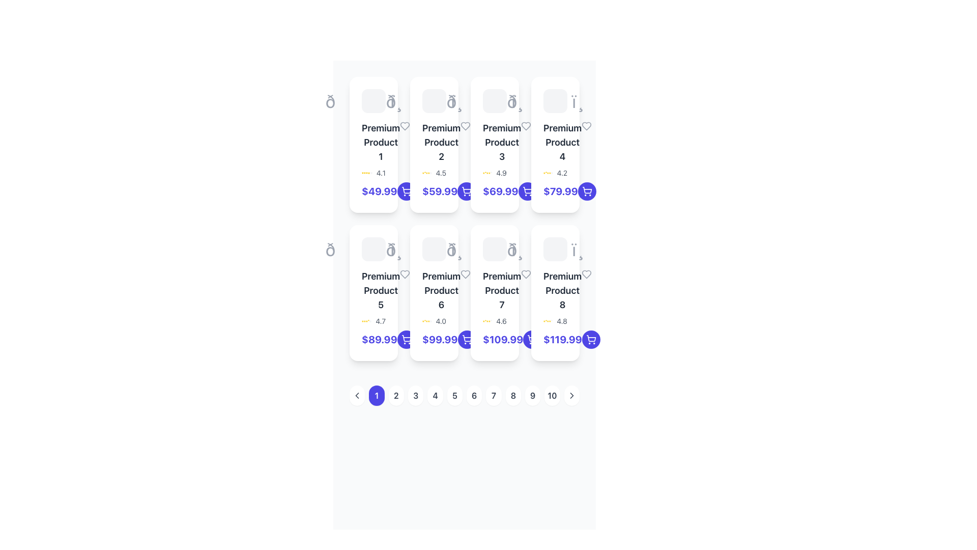  Describe the element at coordinates (380, 290) in the screenshot. I see `the text label that reads 'Premium Product 5', which is positioned at the second row, first column of a grid layout` at that location.